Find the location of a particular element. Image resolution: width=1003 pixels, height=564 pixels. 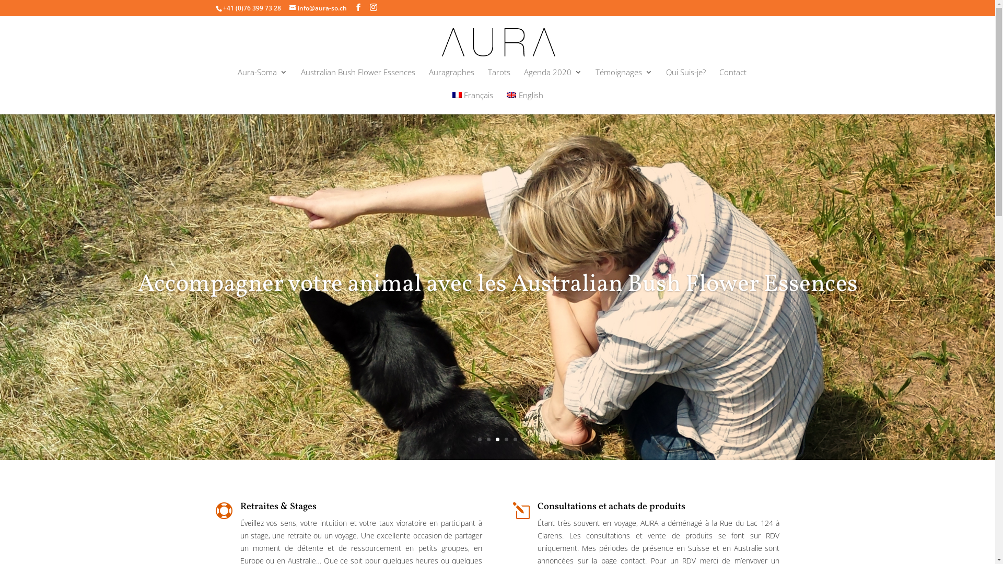

'Auragraphes' is located at coordinates (428, 79).